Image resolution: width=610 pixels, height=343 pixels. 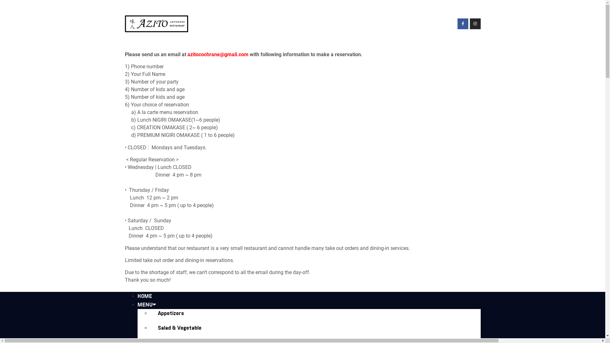 I want to click on 'HOME', so click(x=144, y=296).